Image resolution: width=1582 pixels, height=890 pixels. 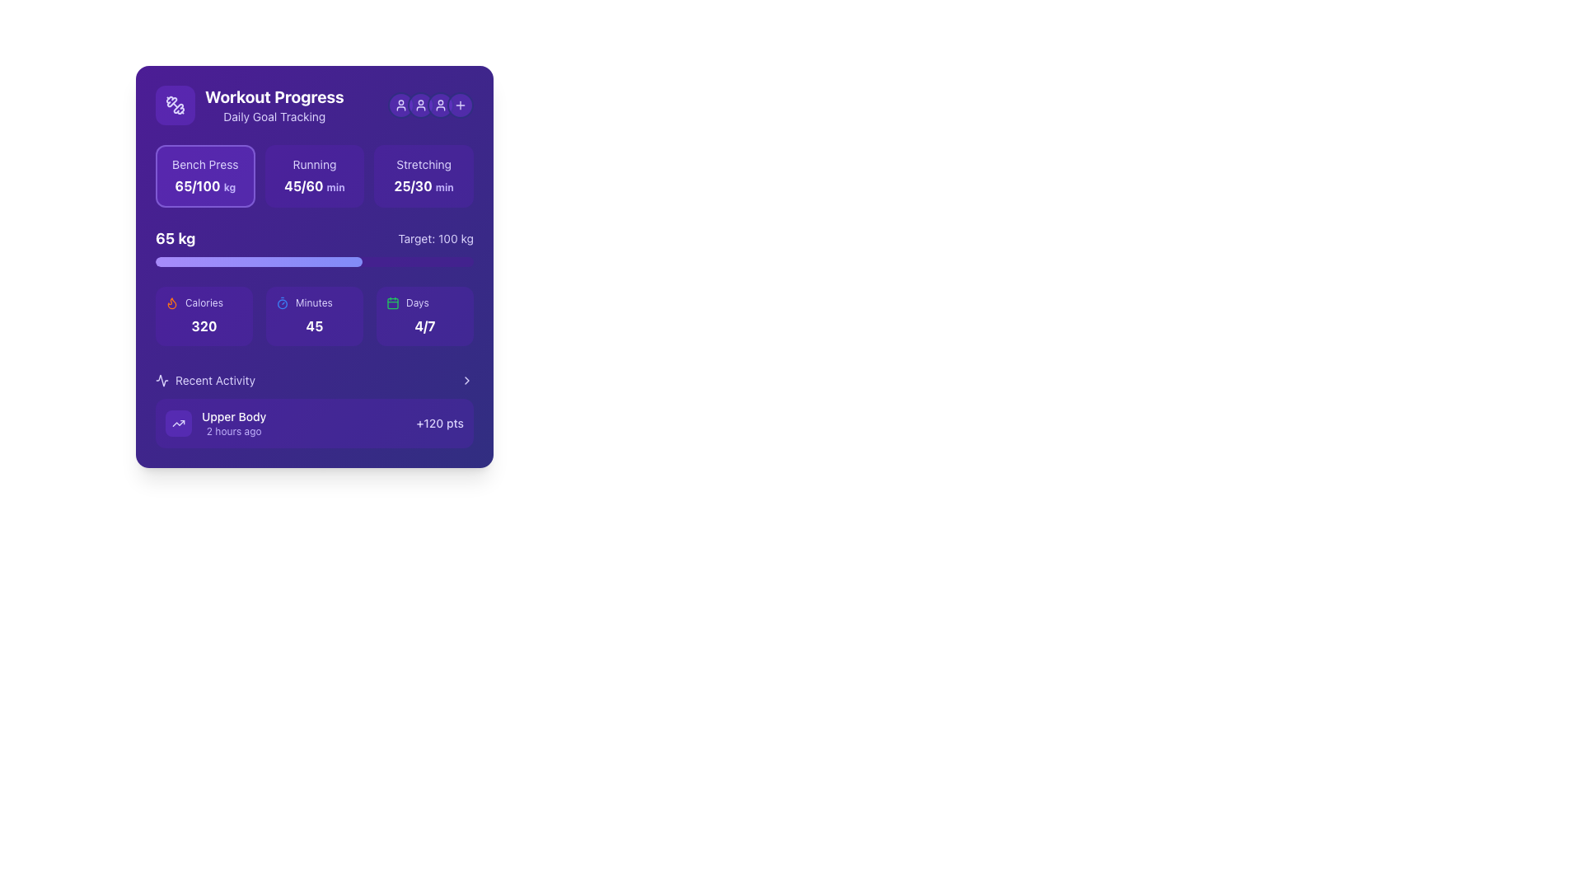 I want to click on the text label 'min' styled in a small violet font located in the 'Running' section, to the right of '45/60', so click(x=335, y=186).